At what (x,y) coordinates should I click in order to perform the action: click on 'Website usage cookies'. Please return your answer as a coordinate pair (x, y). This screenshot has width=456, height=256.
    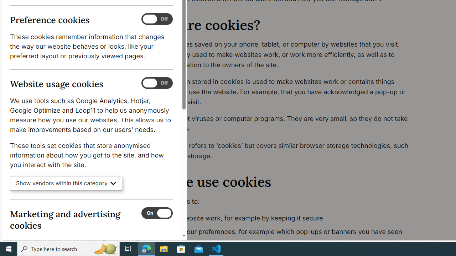
    Looking at the image, I should click on (156, 83).